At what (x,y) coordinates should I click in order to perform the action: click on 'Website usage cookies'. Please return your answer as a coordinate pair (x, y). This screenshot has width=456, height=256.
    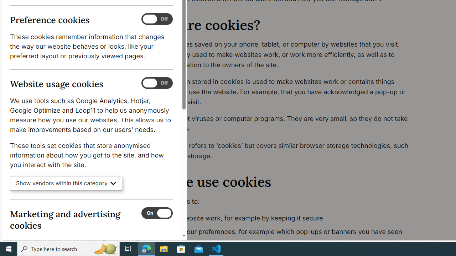
    Looking at the image, I should click on (156, 83).